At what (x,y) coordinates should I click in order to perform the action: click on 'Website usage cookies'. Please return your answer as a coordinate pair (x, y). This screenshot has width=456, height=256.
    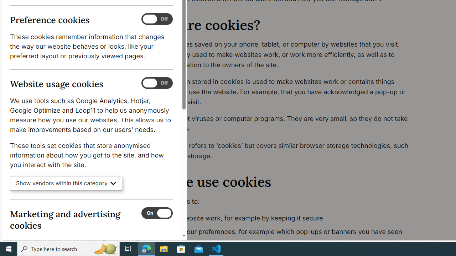
    Looking at the image, I should click on (156, 83).